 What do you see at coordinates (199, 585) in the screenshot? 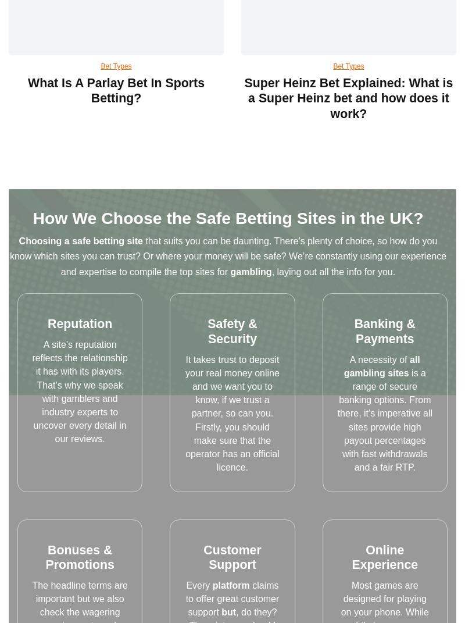
I see `'Every'` at bounding box center [199, 585].